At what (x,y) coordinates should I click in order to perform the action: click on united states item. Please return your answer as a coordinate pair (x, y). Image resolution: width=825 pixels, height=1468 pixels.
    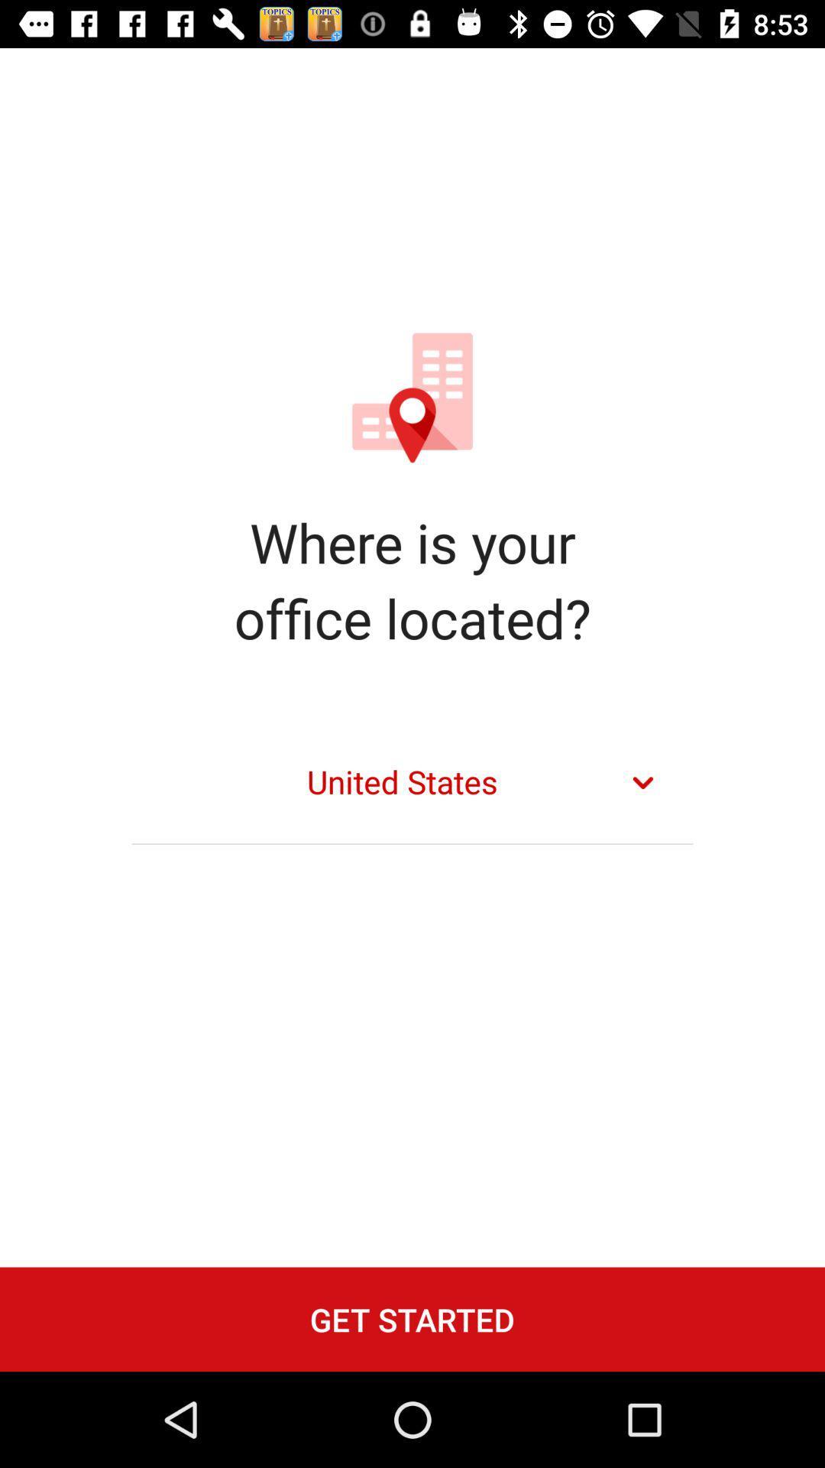
    Looking at the image, I should click on (412, 783).